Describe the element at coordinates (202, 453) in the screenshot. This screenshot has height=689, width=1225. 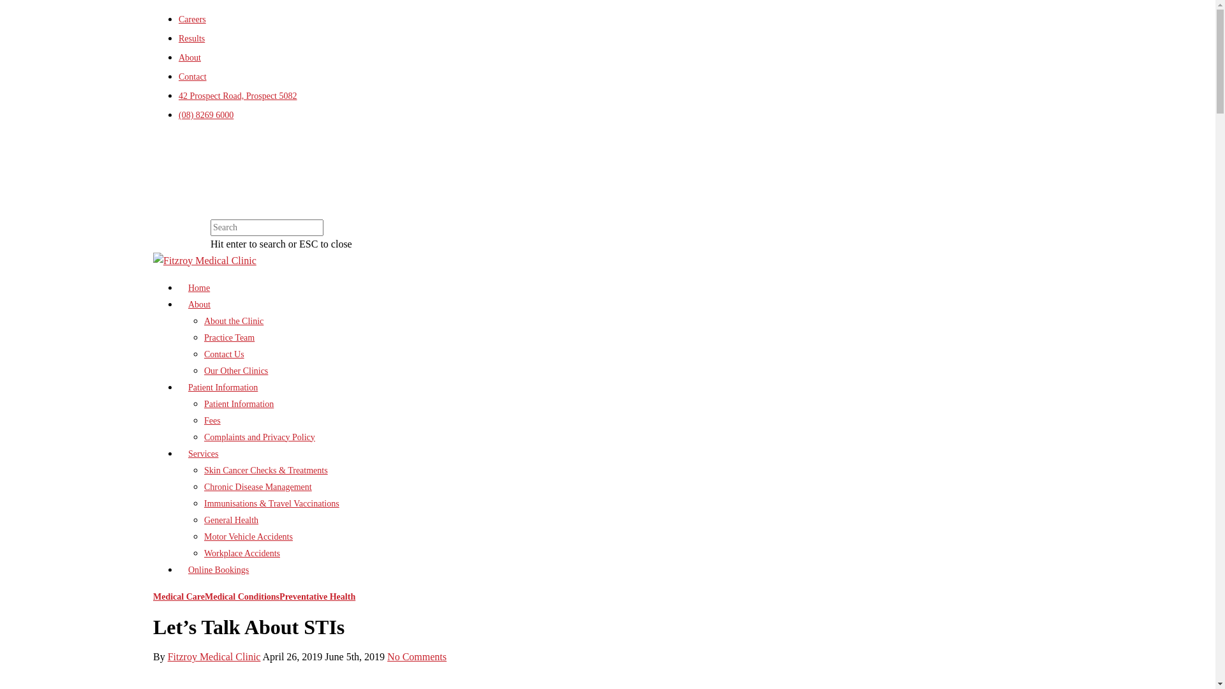
I see `'Services'` at that location.